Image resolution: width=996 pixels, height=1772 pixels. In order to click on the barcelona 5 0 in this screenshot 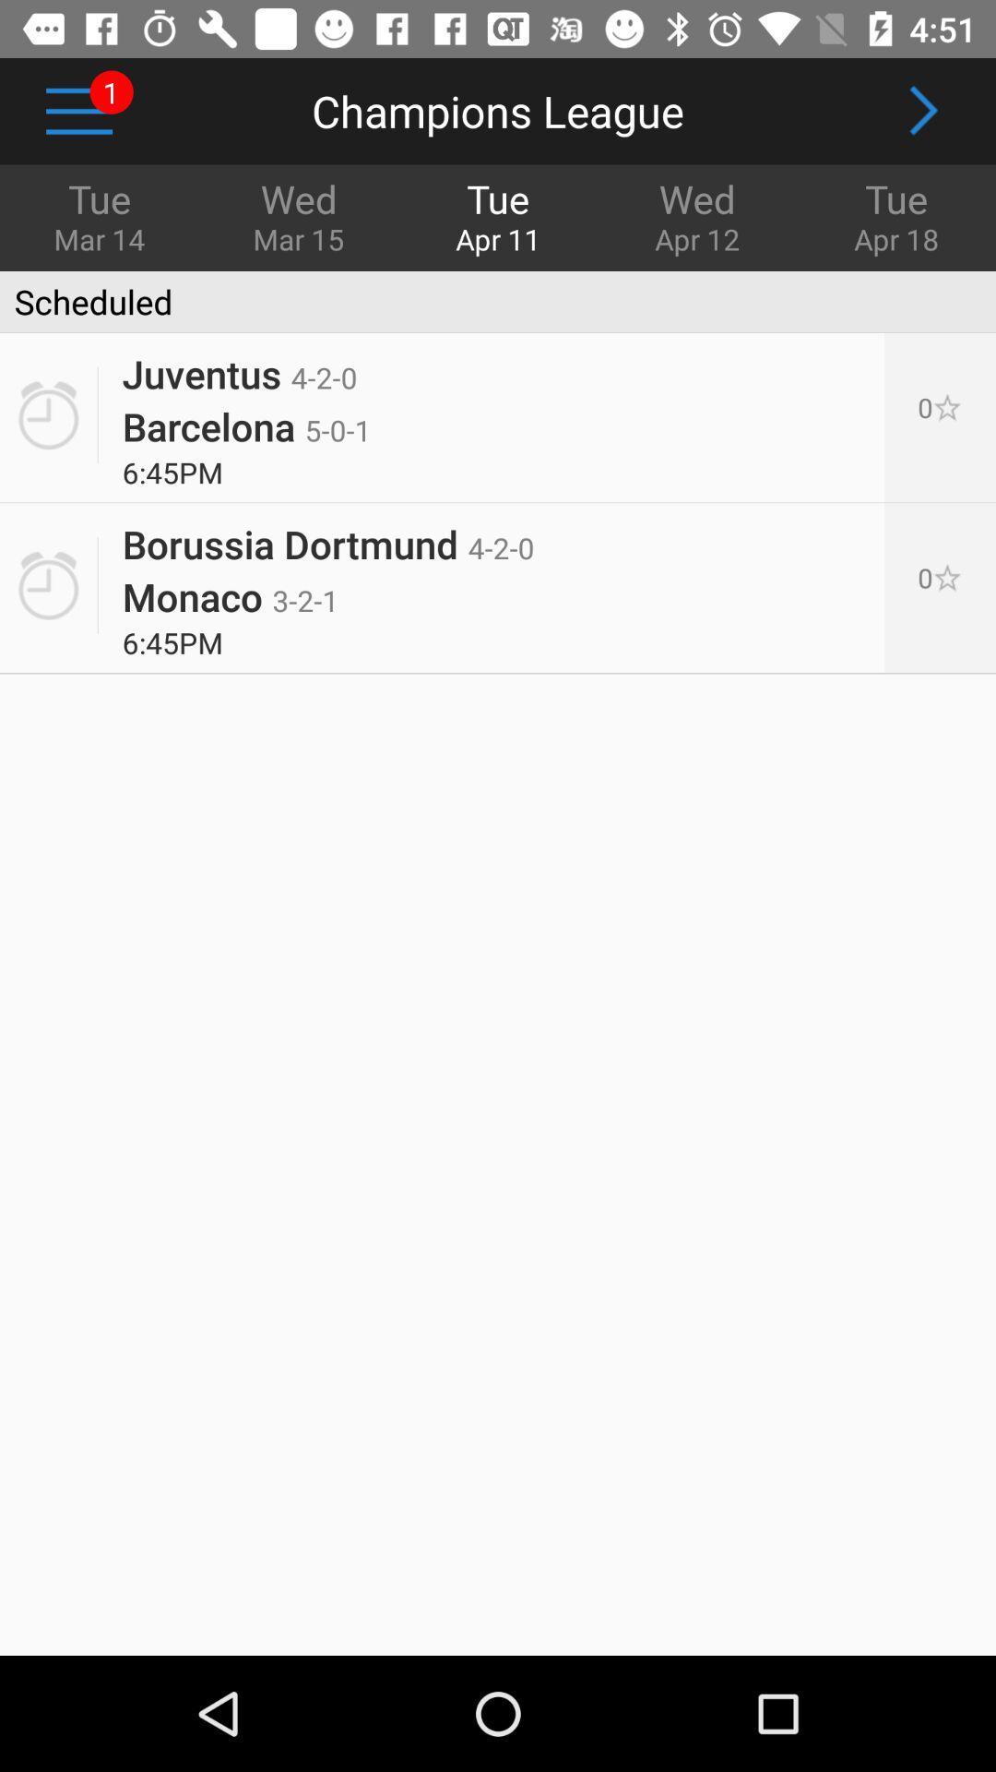, I will do `click(245, 425)`.